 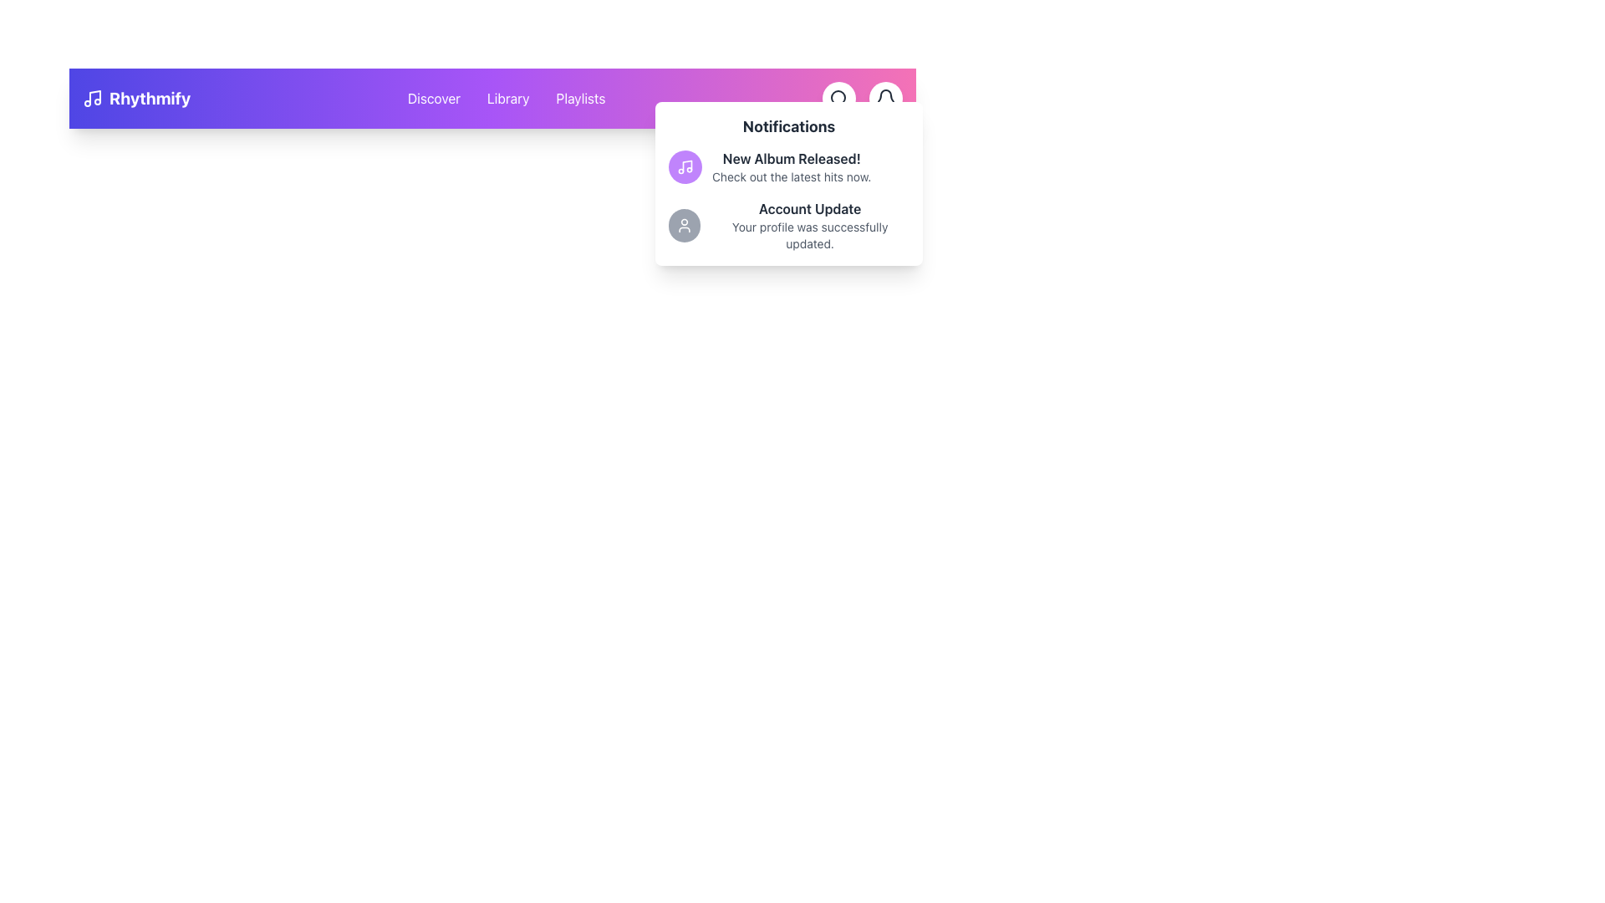 I want to click on the small SVG circle element that is part of the larger search icon located in the top navigation bar, so click(x=838, y=97).